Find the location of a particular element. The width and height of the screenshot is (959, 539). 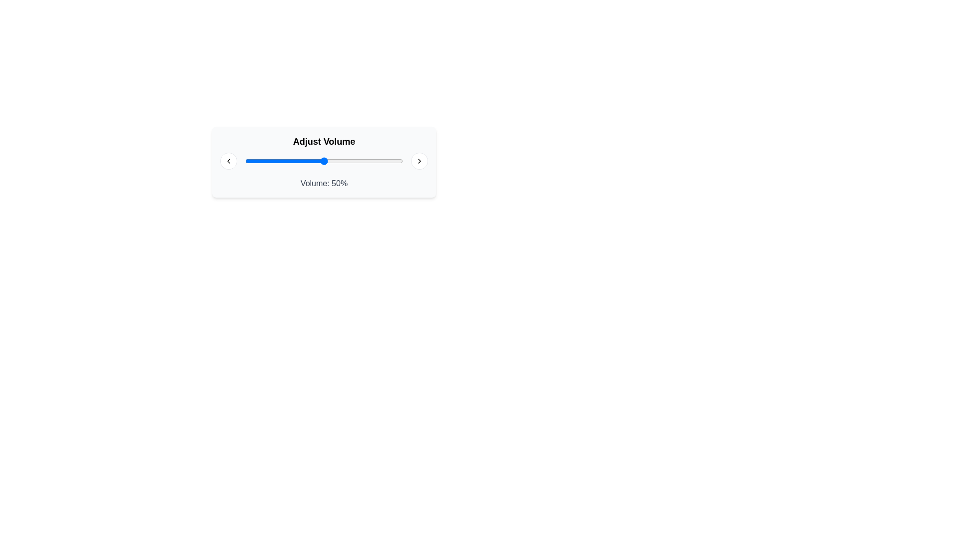

the slider is located at coordinates (391, 161).